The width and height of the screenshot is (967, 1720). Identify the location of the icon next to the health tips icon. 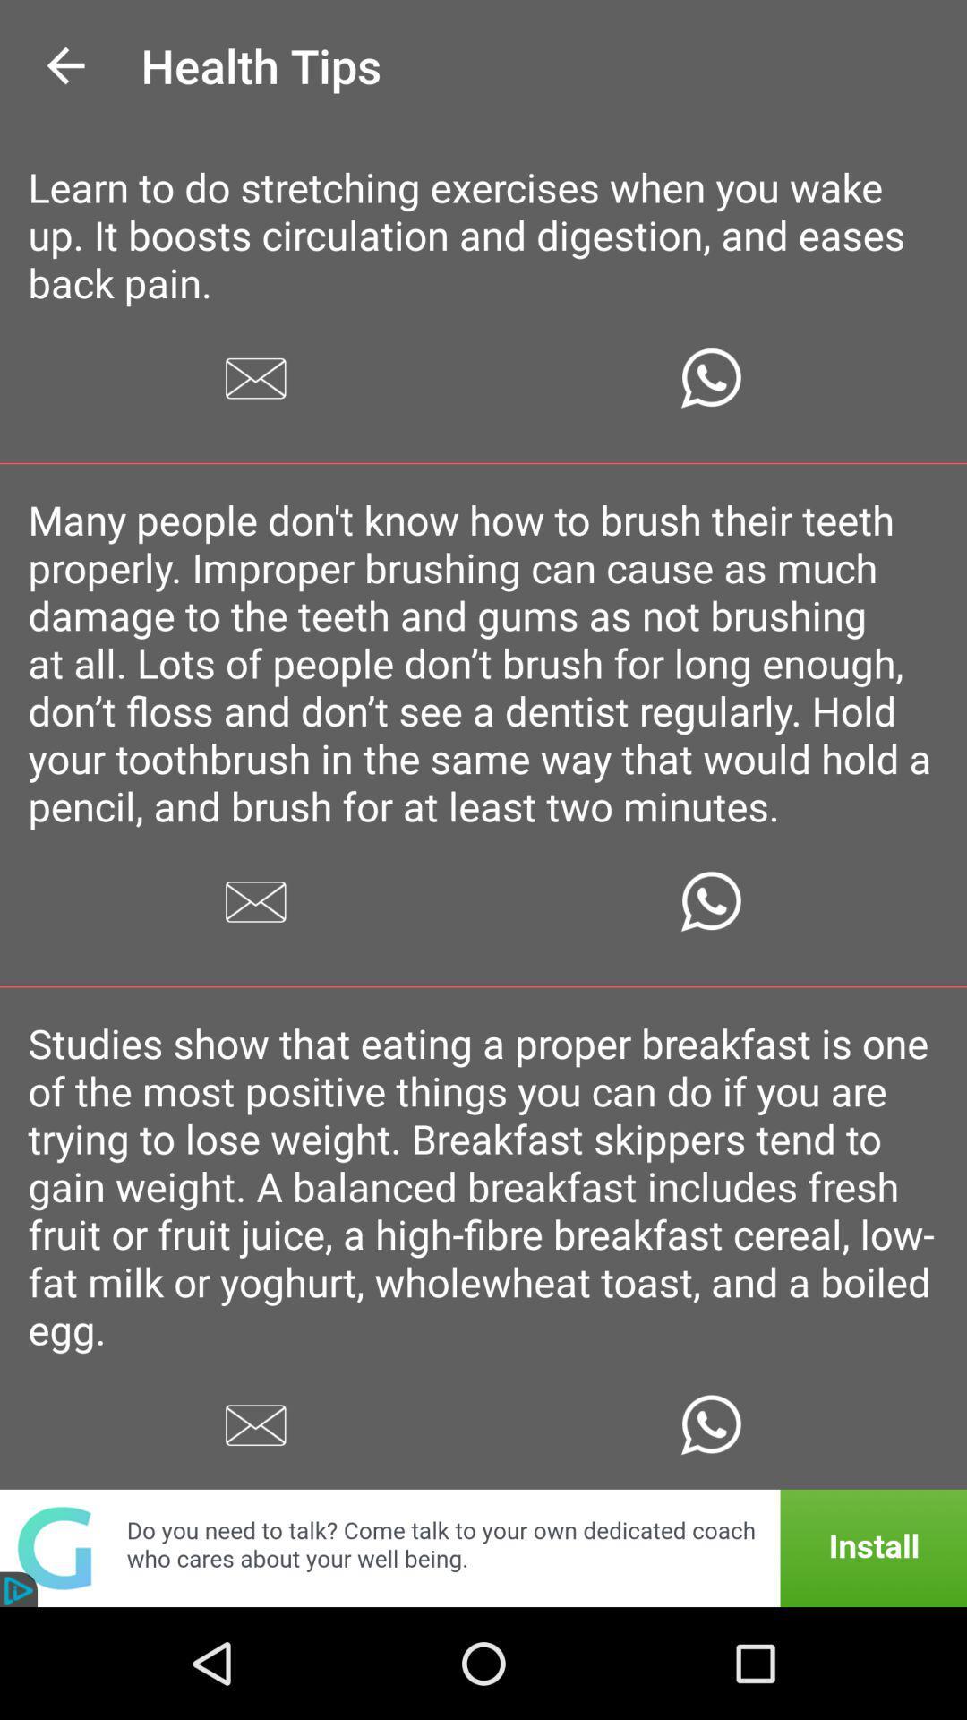
(64, 65).